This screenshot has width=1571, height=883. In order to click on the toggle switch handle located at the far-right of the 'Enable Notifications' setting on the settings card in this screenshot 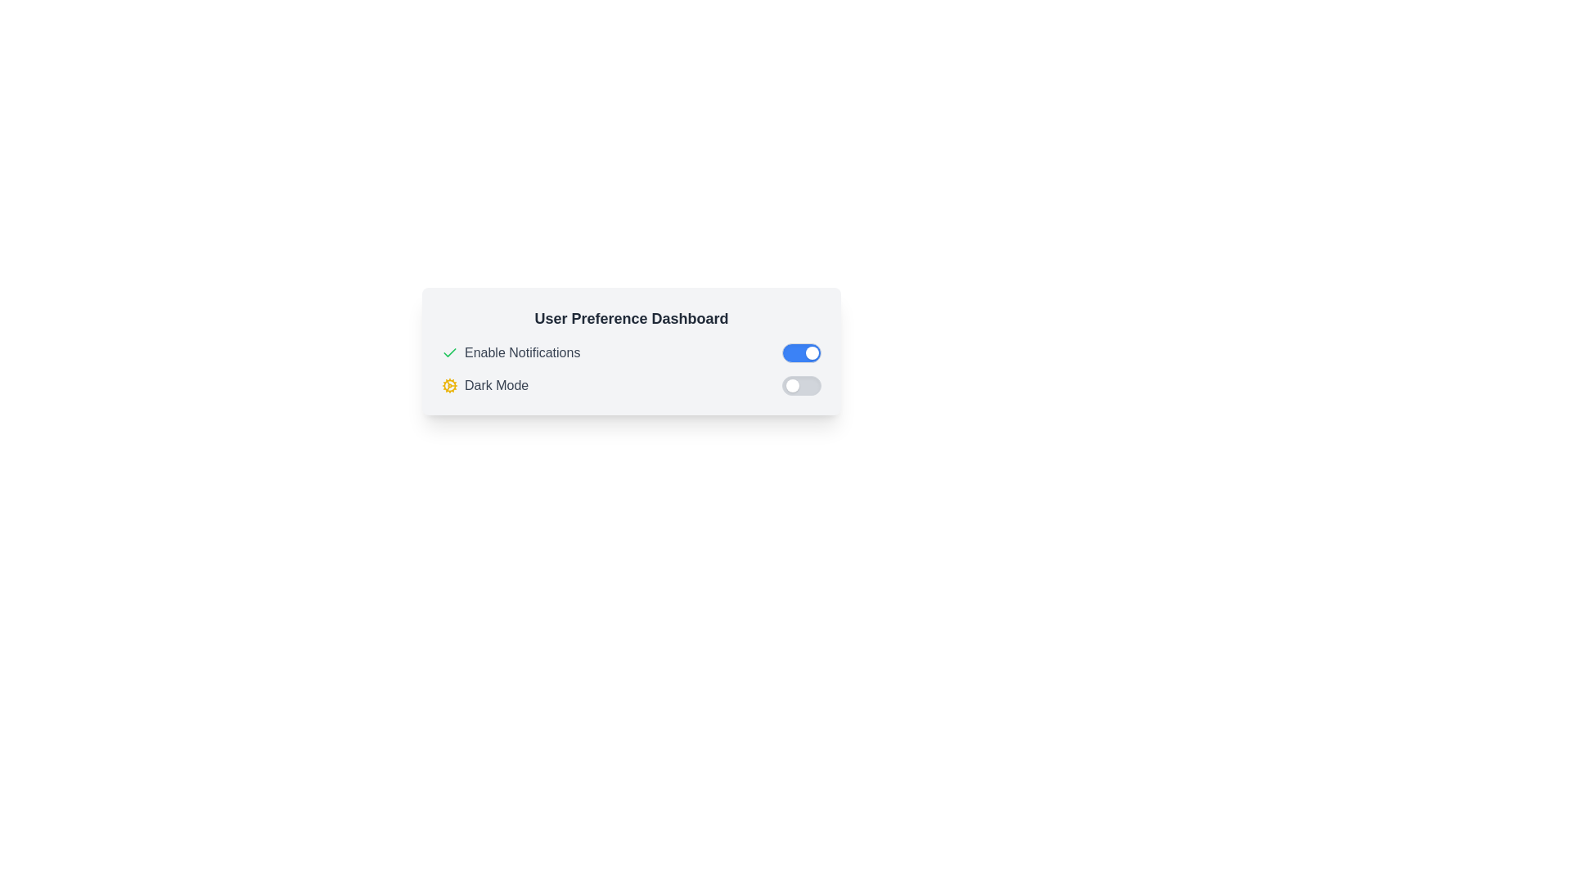, I will do `click(813, 352)`.